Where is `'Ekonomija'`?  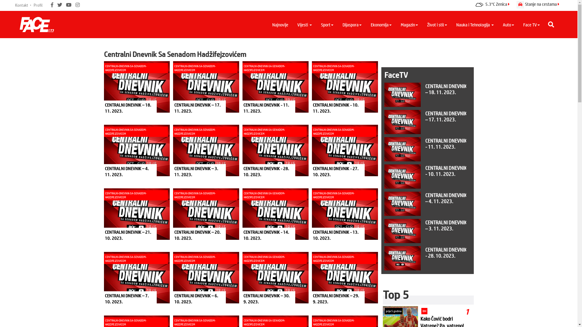
'Ekonomija' is located at coordinates (381, 24).